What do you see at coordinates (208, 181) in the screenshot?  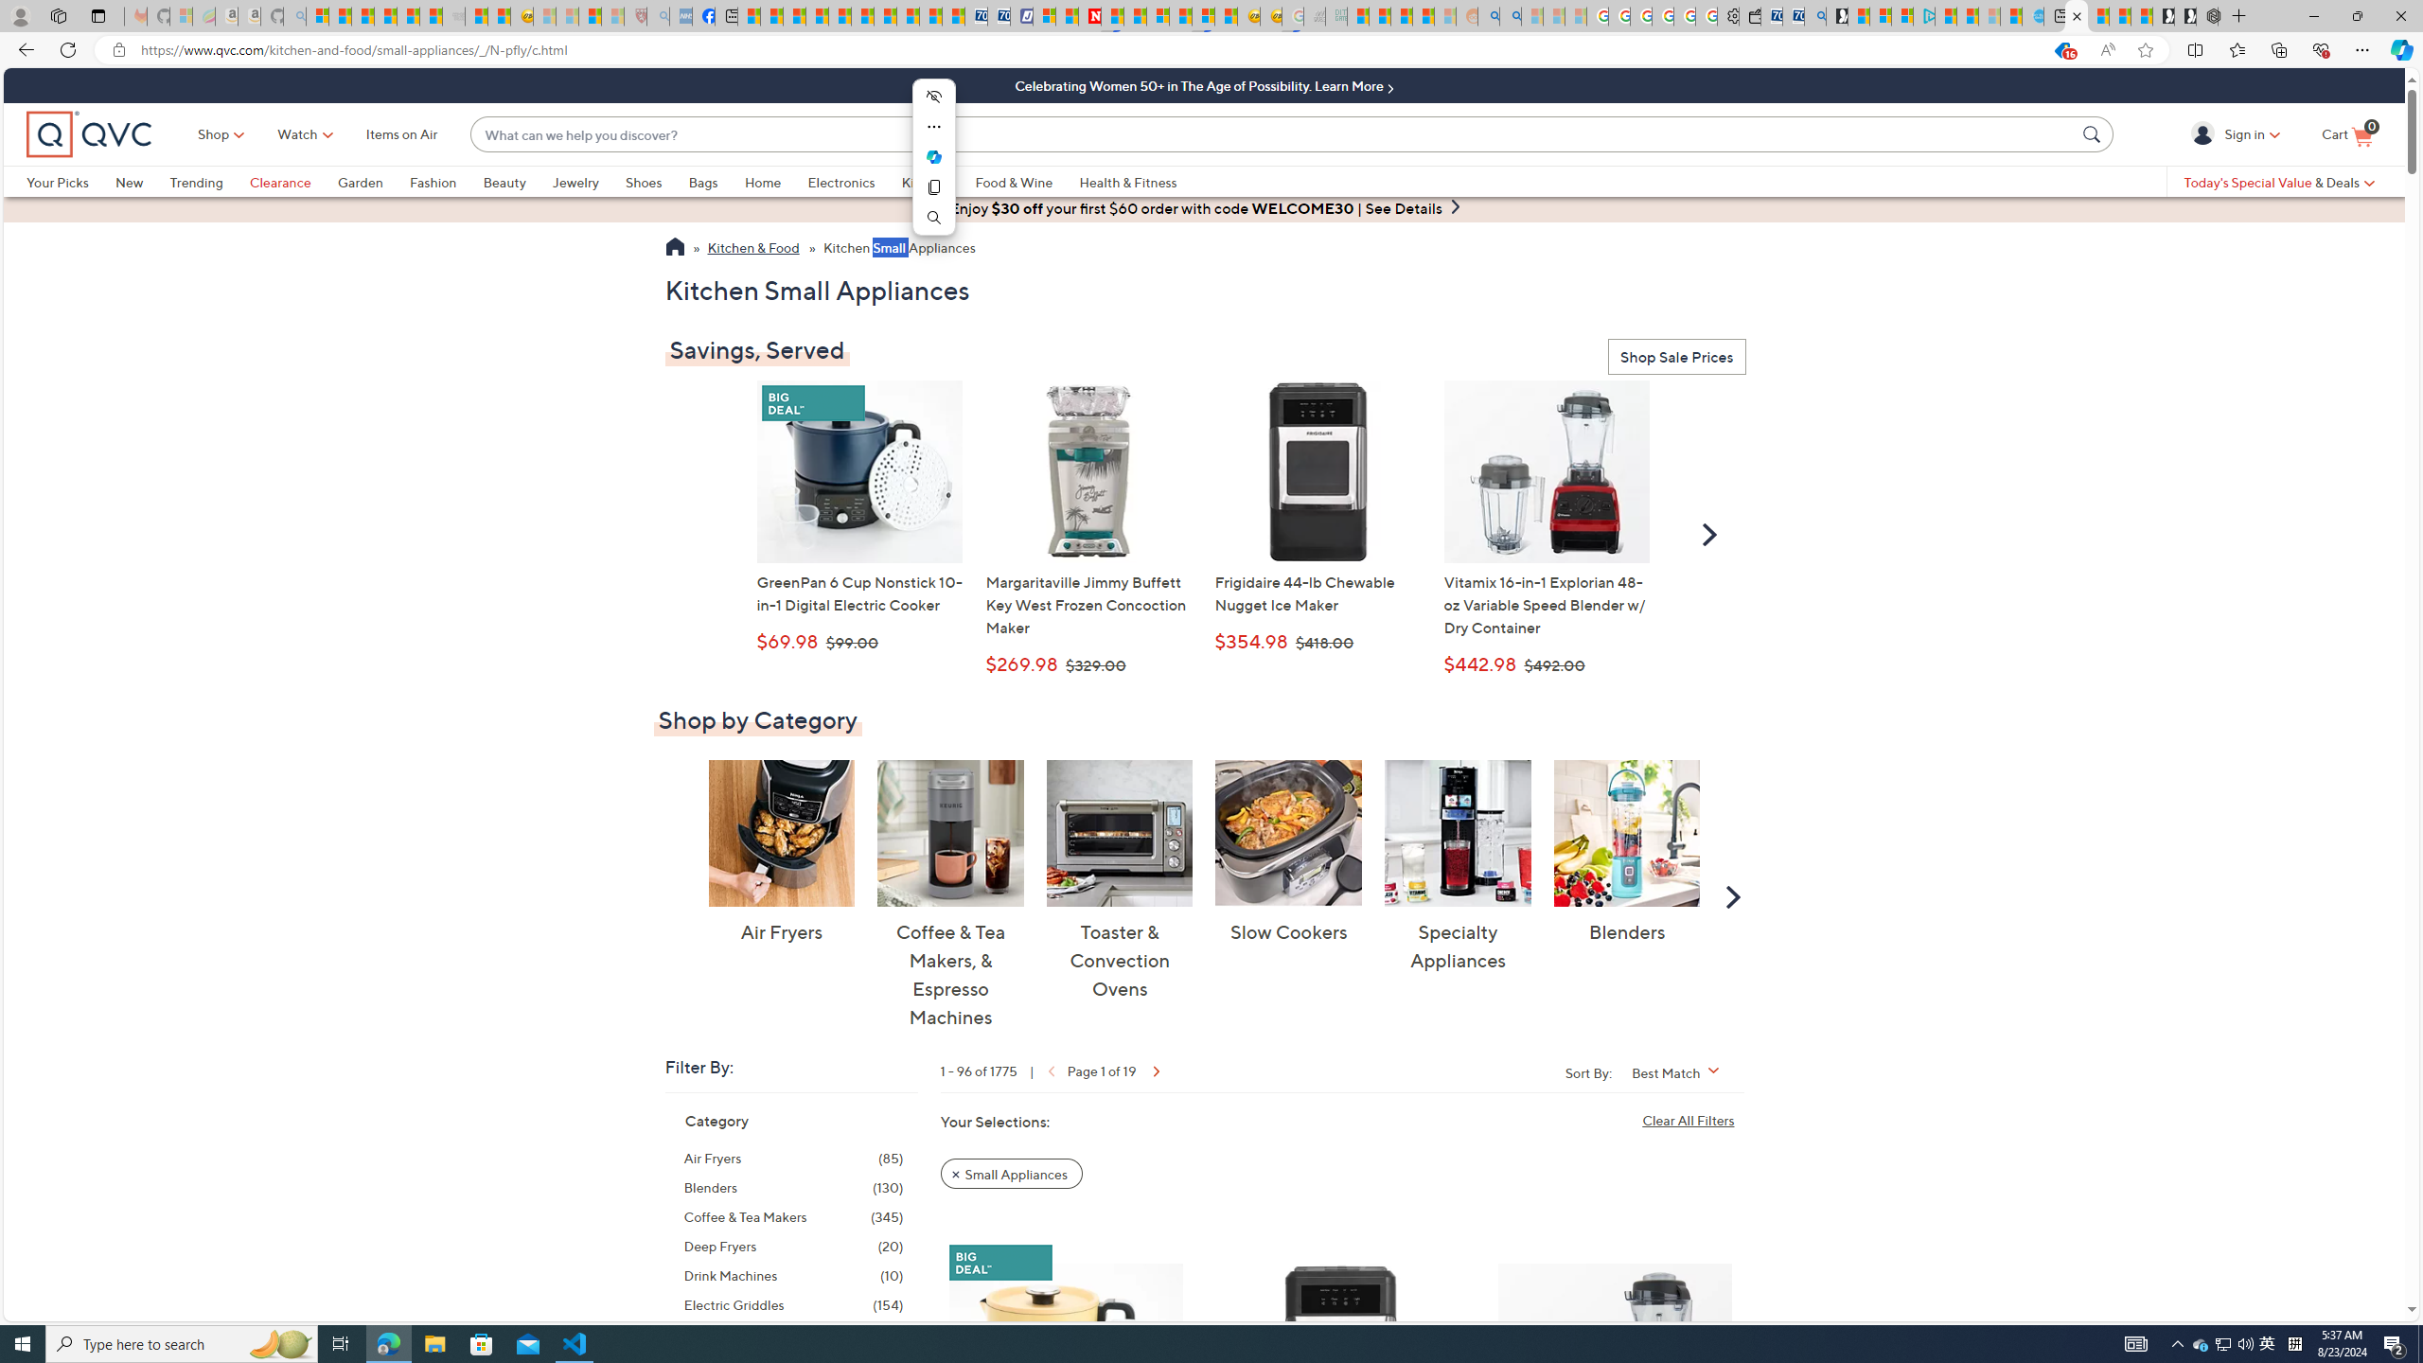 I see `'Trending'` at bounding box center [208, 181].